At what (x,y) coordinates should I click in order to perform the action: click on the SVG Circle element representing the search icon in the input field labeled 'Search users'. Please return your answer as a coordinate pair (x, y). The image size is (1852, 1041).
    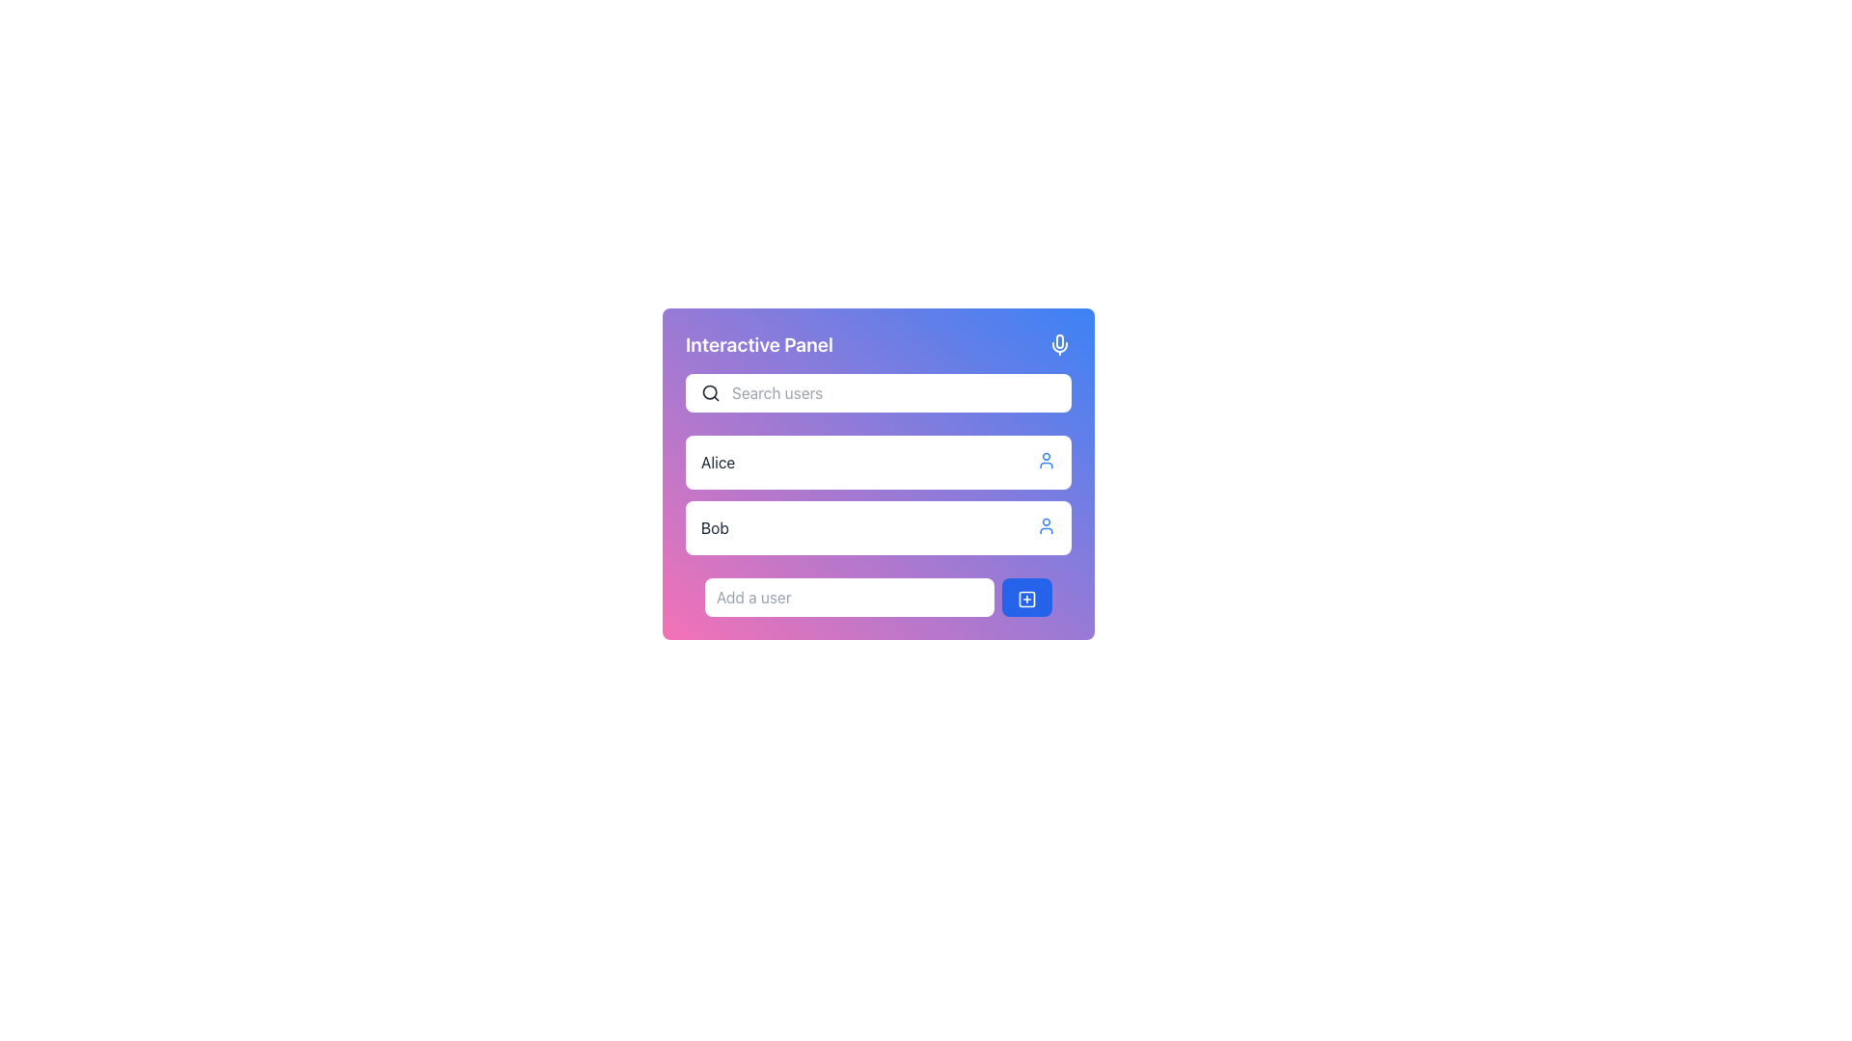
    Looking at the image, I should click on (709, 391).